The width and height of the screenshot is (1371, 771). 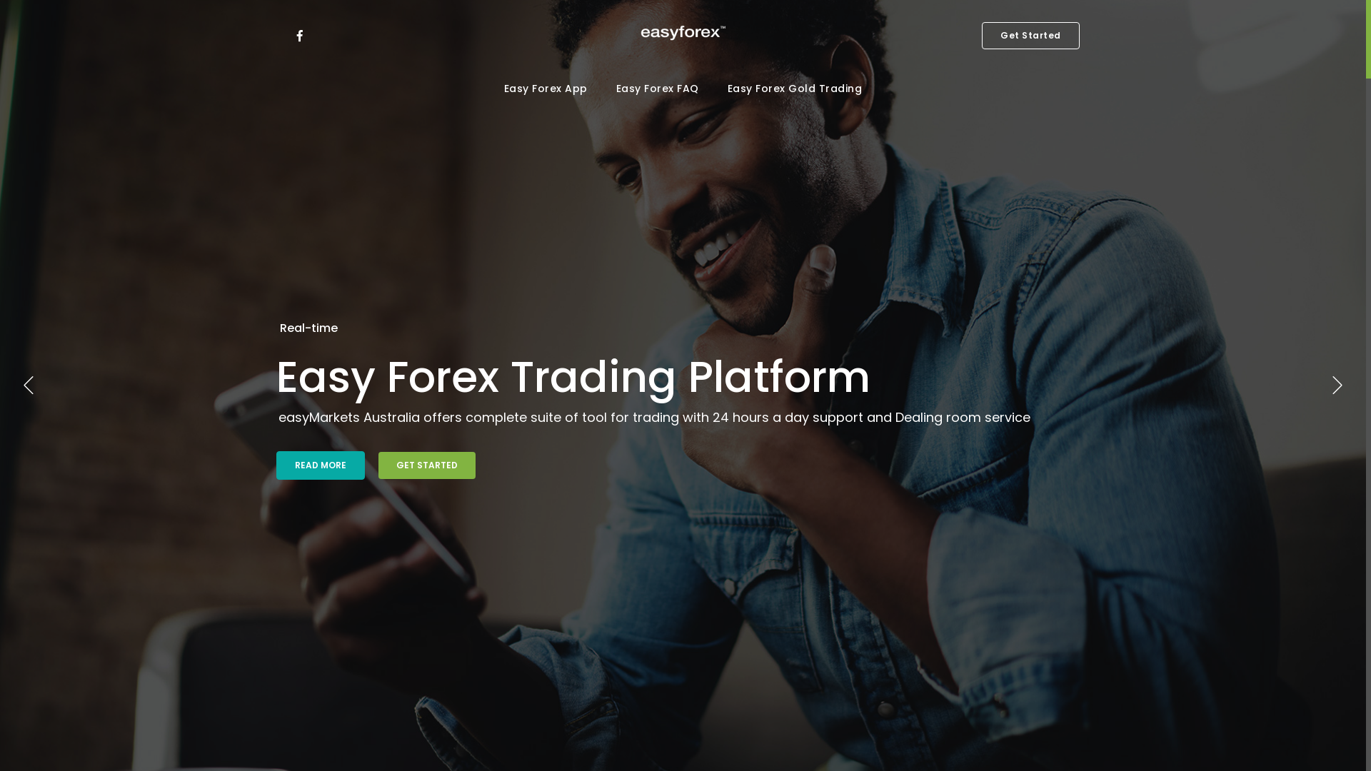 I want to click on 'Easy Forex Gold Trading', so click(x=727, y=89).